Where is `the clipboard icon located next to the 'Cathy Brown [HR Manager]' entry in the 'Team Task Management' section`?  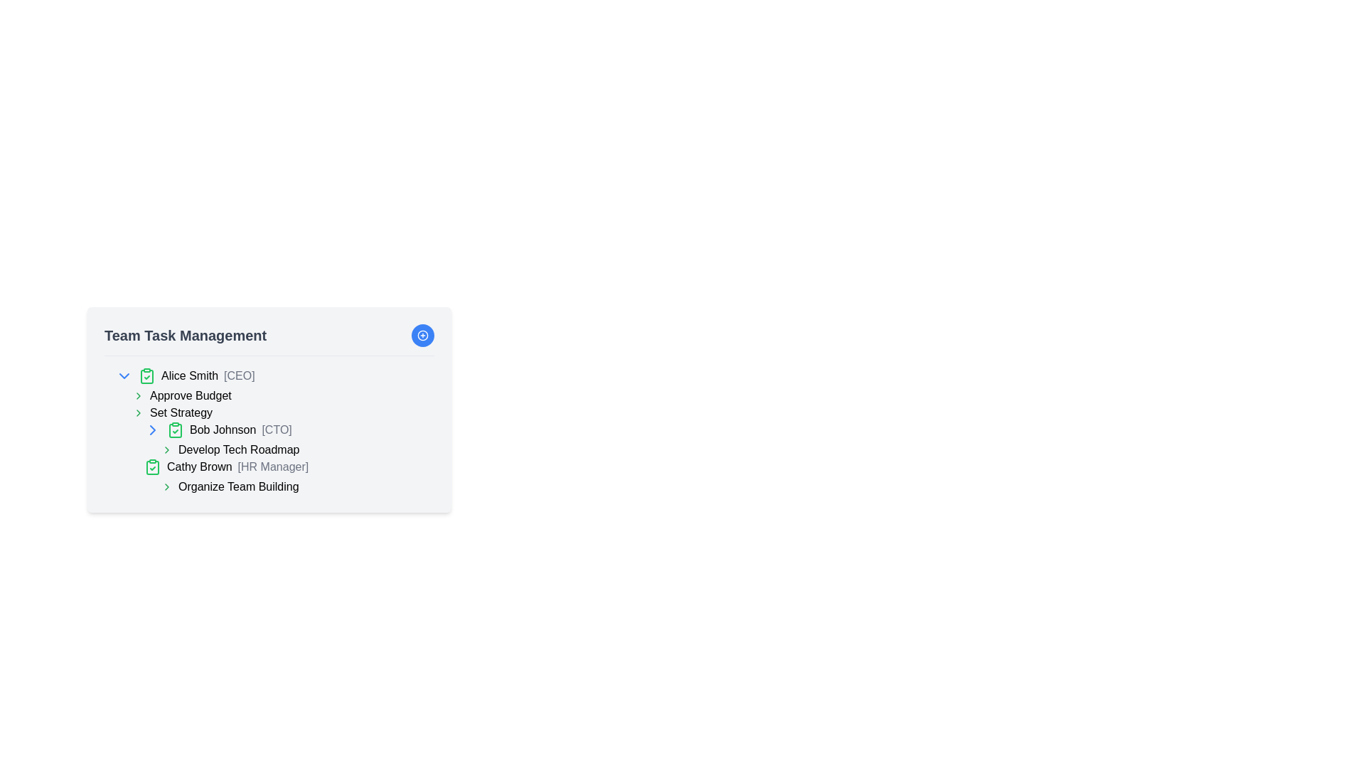 the clipboard icon located next to the 'Cathy Brown [HR Manager]' entry in the 'Team Task Management' section is located at coordinates (153, 468).